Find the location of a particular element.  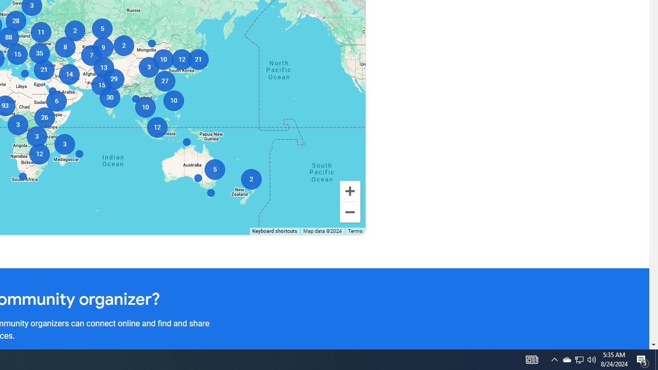

'5' is located at coordinates (102, 28).